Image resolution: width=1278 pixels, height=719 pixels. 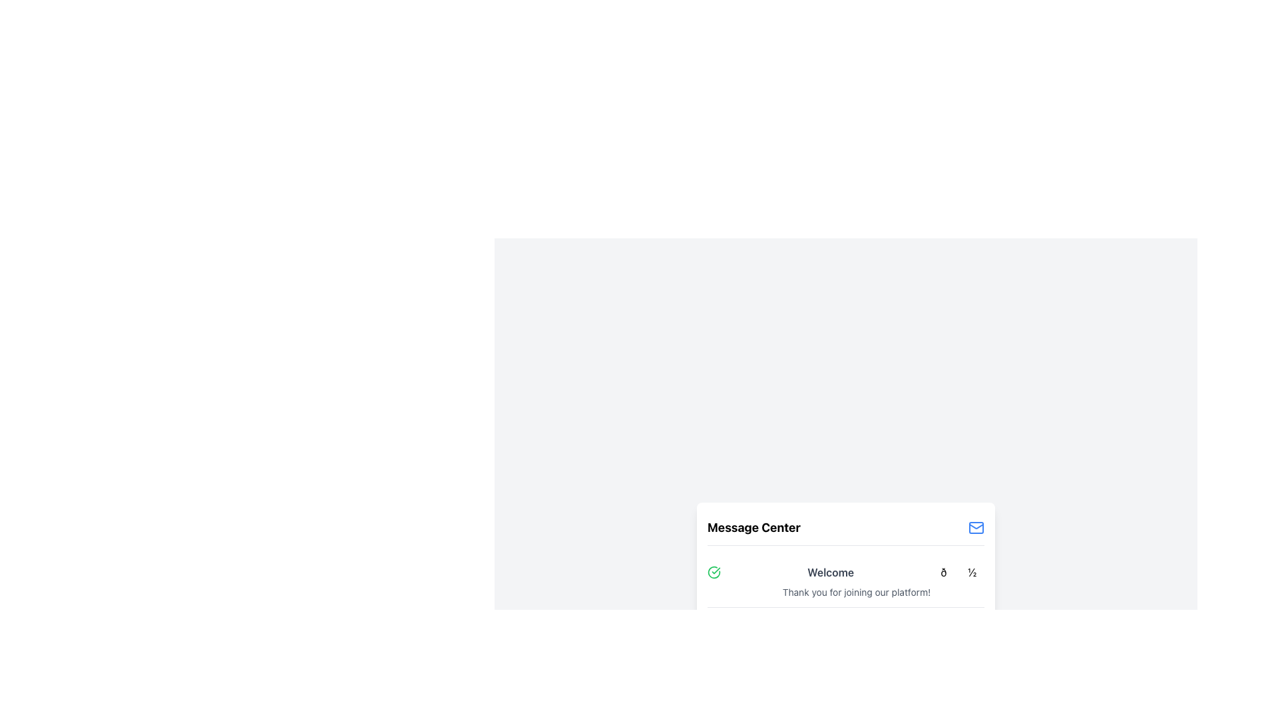 I want to click on the notification icon located at the top-right corner of the 'Message Center' section, so click(x=976, y=527).